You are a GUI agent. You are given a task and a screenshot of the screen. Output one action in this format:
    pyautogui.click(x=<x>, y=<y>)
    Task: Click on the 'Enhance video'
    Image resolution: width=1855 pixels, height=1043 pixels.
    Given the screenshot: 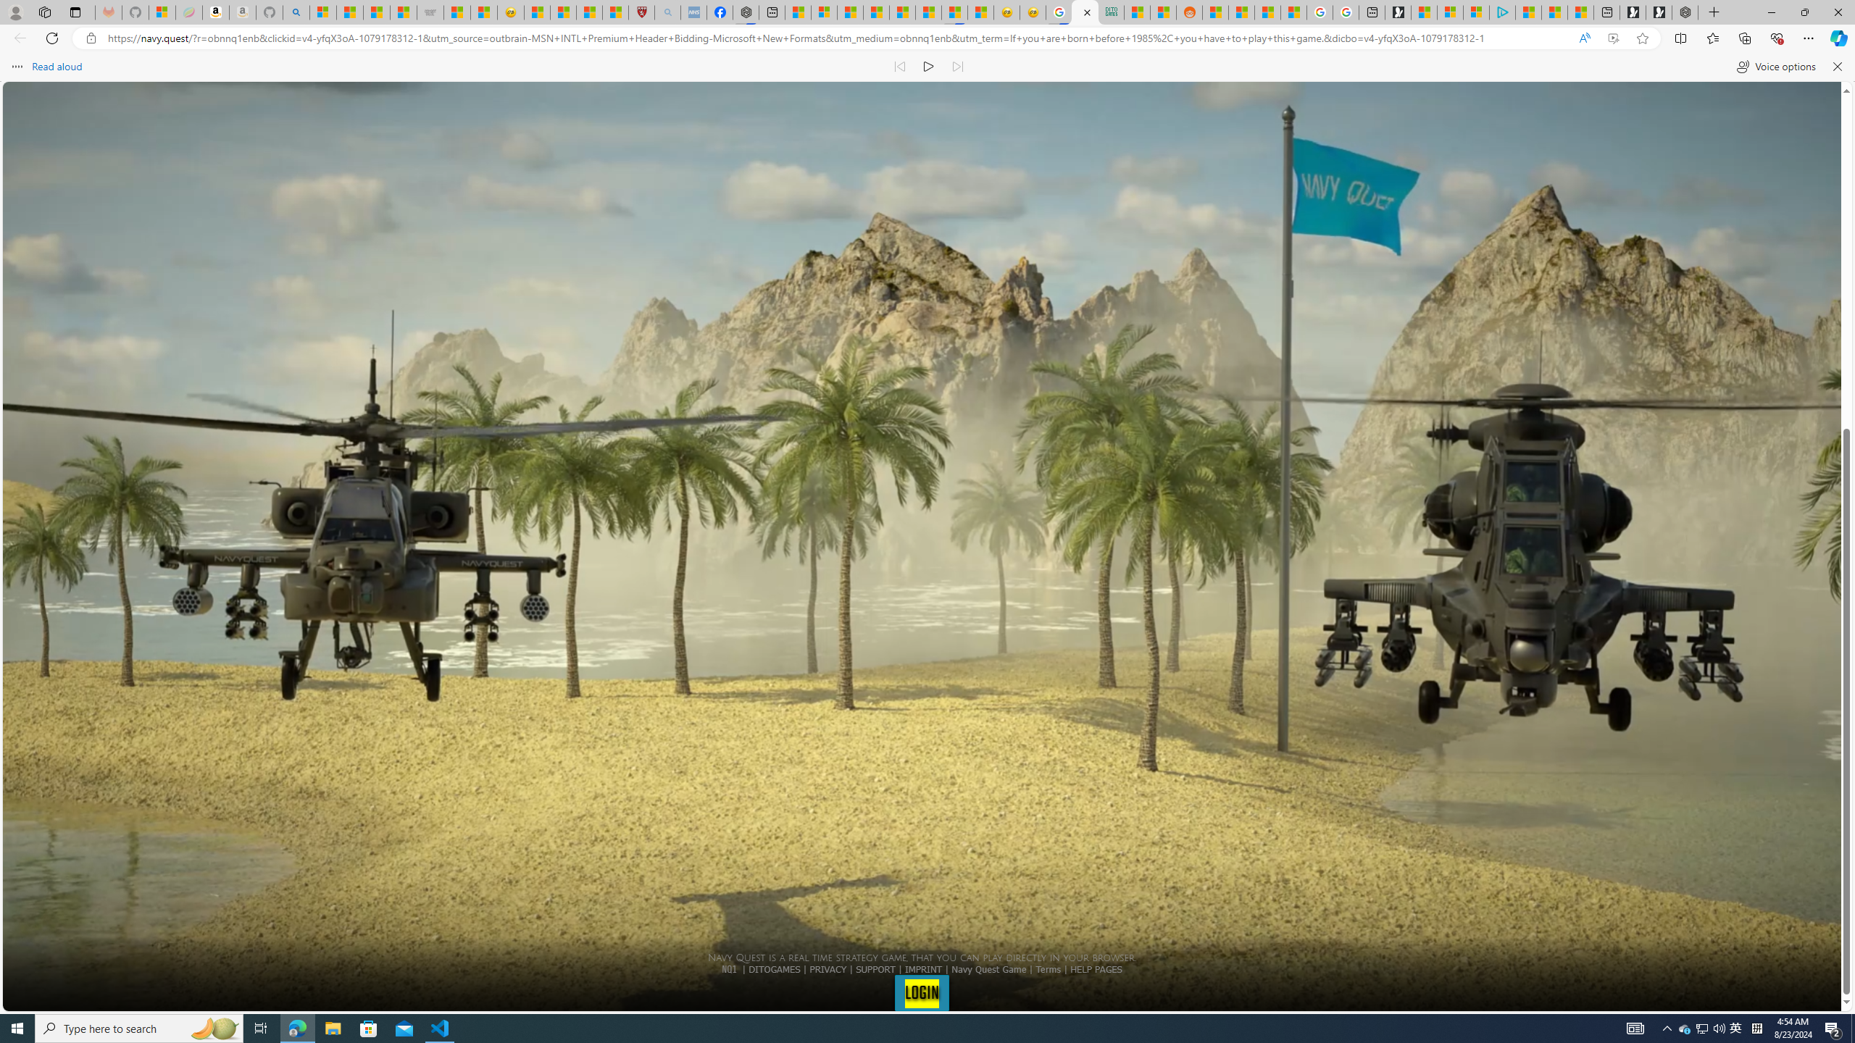 What is the action you would take?
    pyautogui.click(x=1613, y=38)
    